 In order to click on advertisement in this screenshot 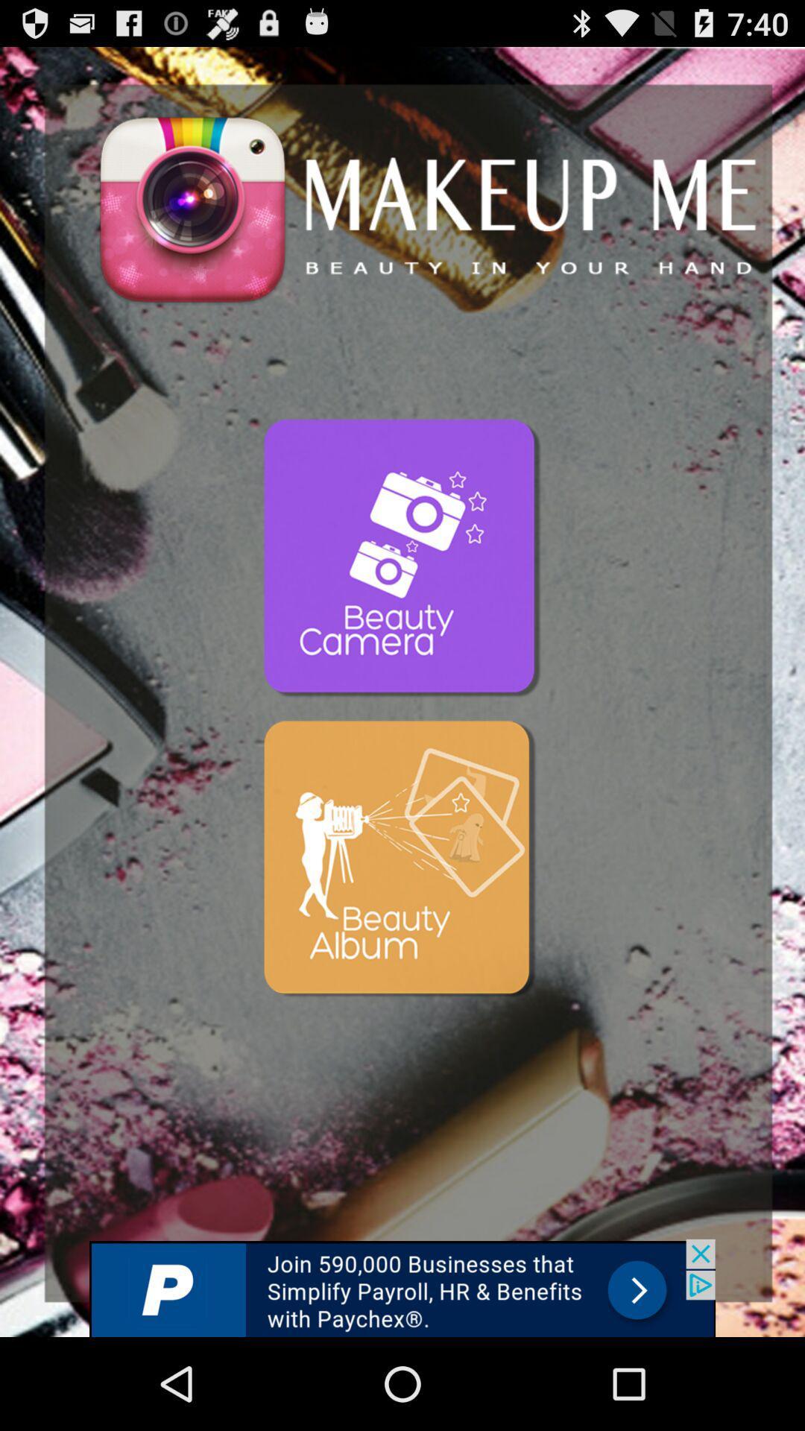, I will do `click(402, 1287)`.